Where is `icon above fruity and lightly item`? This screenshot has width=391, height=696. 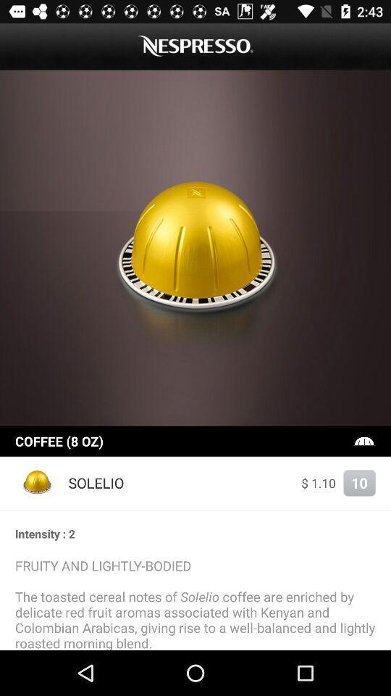
icon above fruity and lightly item is located at coordinates (195, 533).